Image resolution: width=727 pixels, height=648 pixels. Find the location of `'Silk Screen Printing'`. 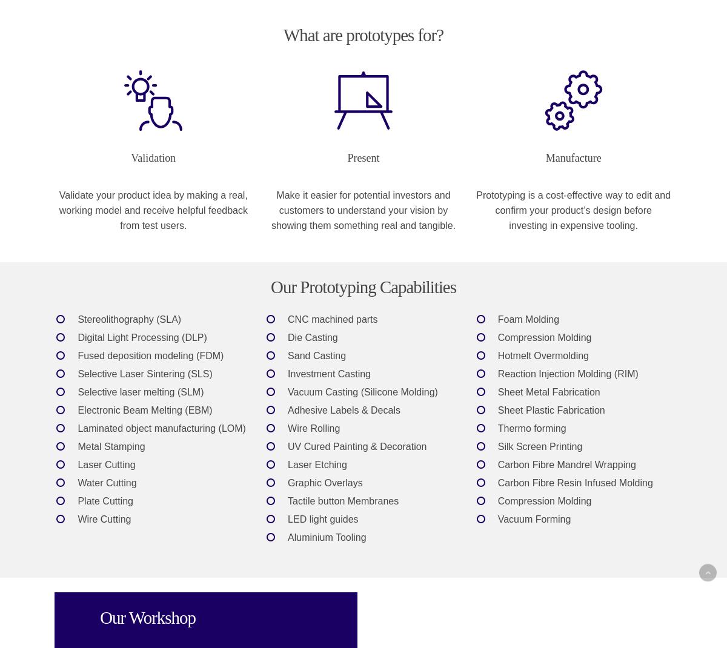

'Silk Screen Printing' is located at coordinates (497, 445).